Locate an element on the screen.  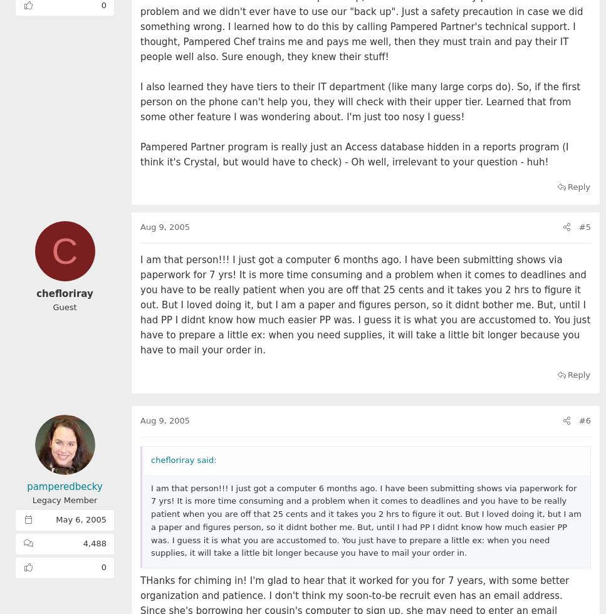
'4,488' is located at coordinates (95, 543).